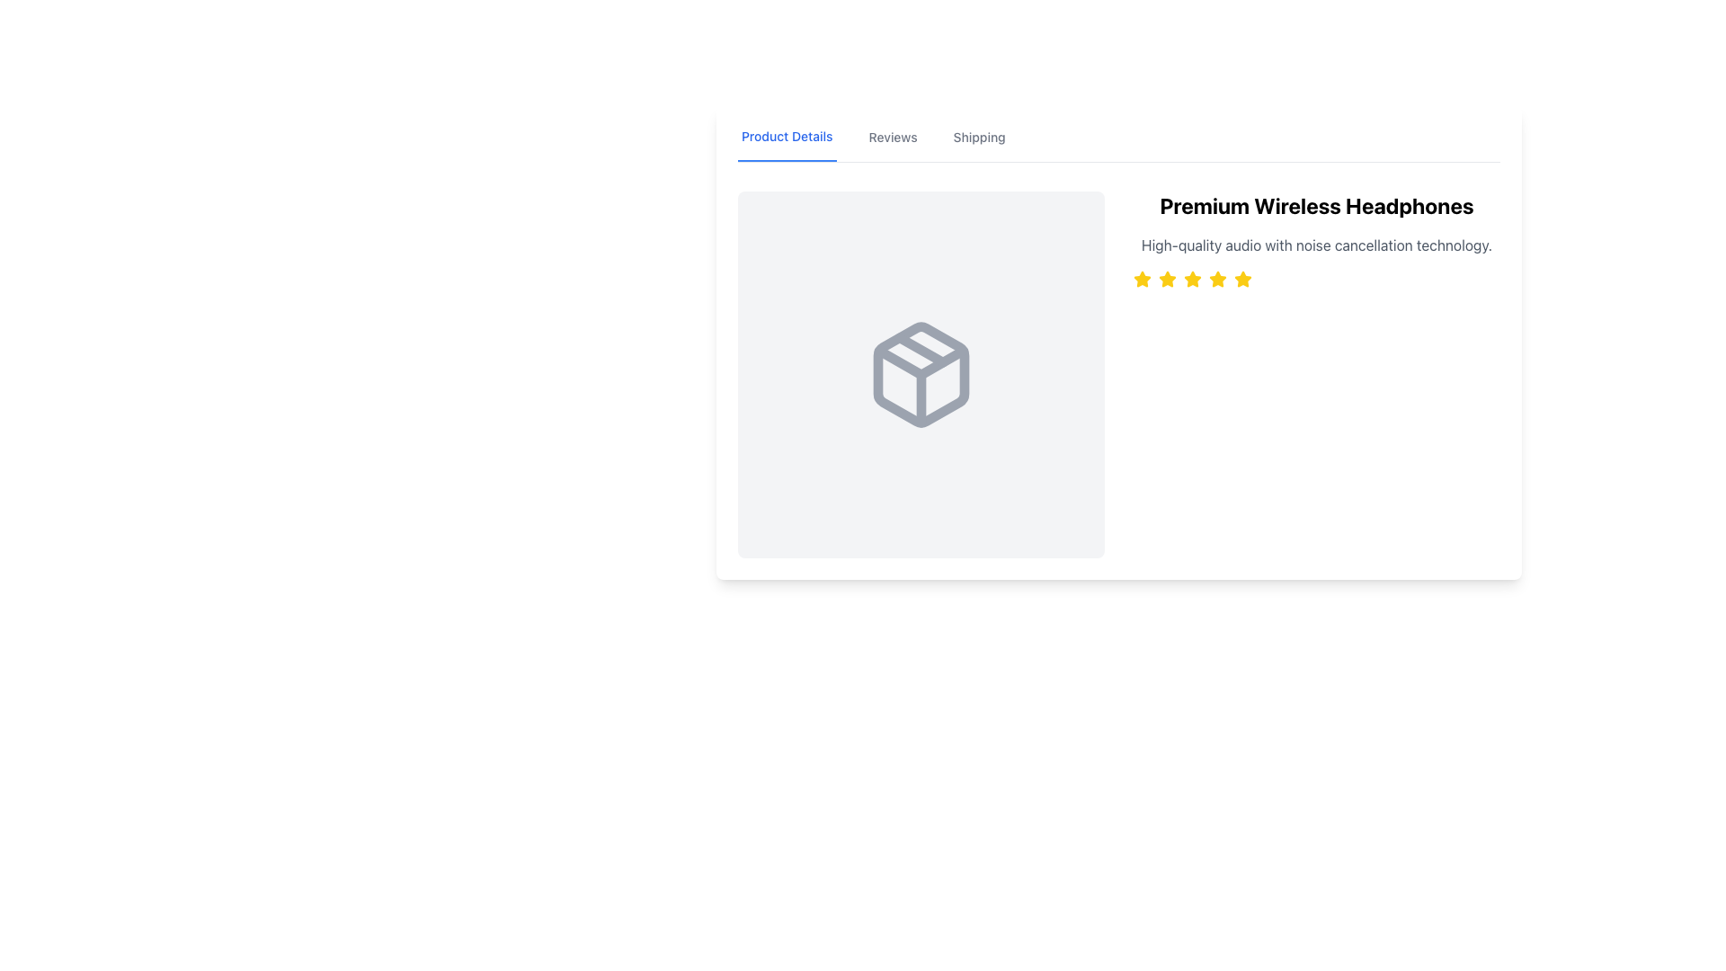  What do you see at coordinates (893, 144) in the screenshot?
I see `the 'Reviews' tab in the navigation bar to switch the displayed content to show reviews related to the product` at bounding box center [893, 144].